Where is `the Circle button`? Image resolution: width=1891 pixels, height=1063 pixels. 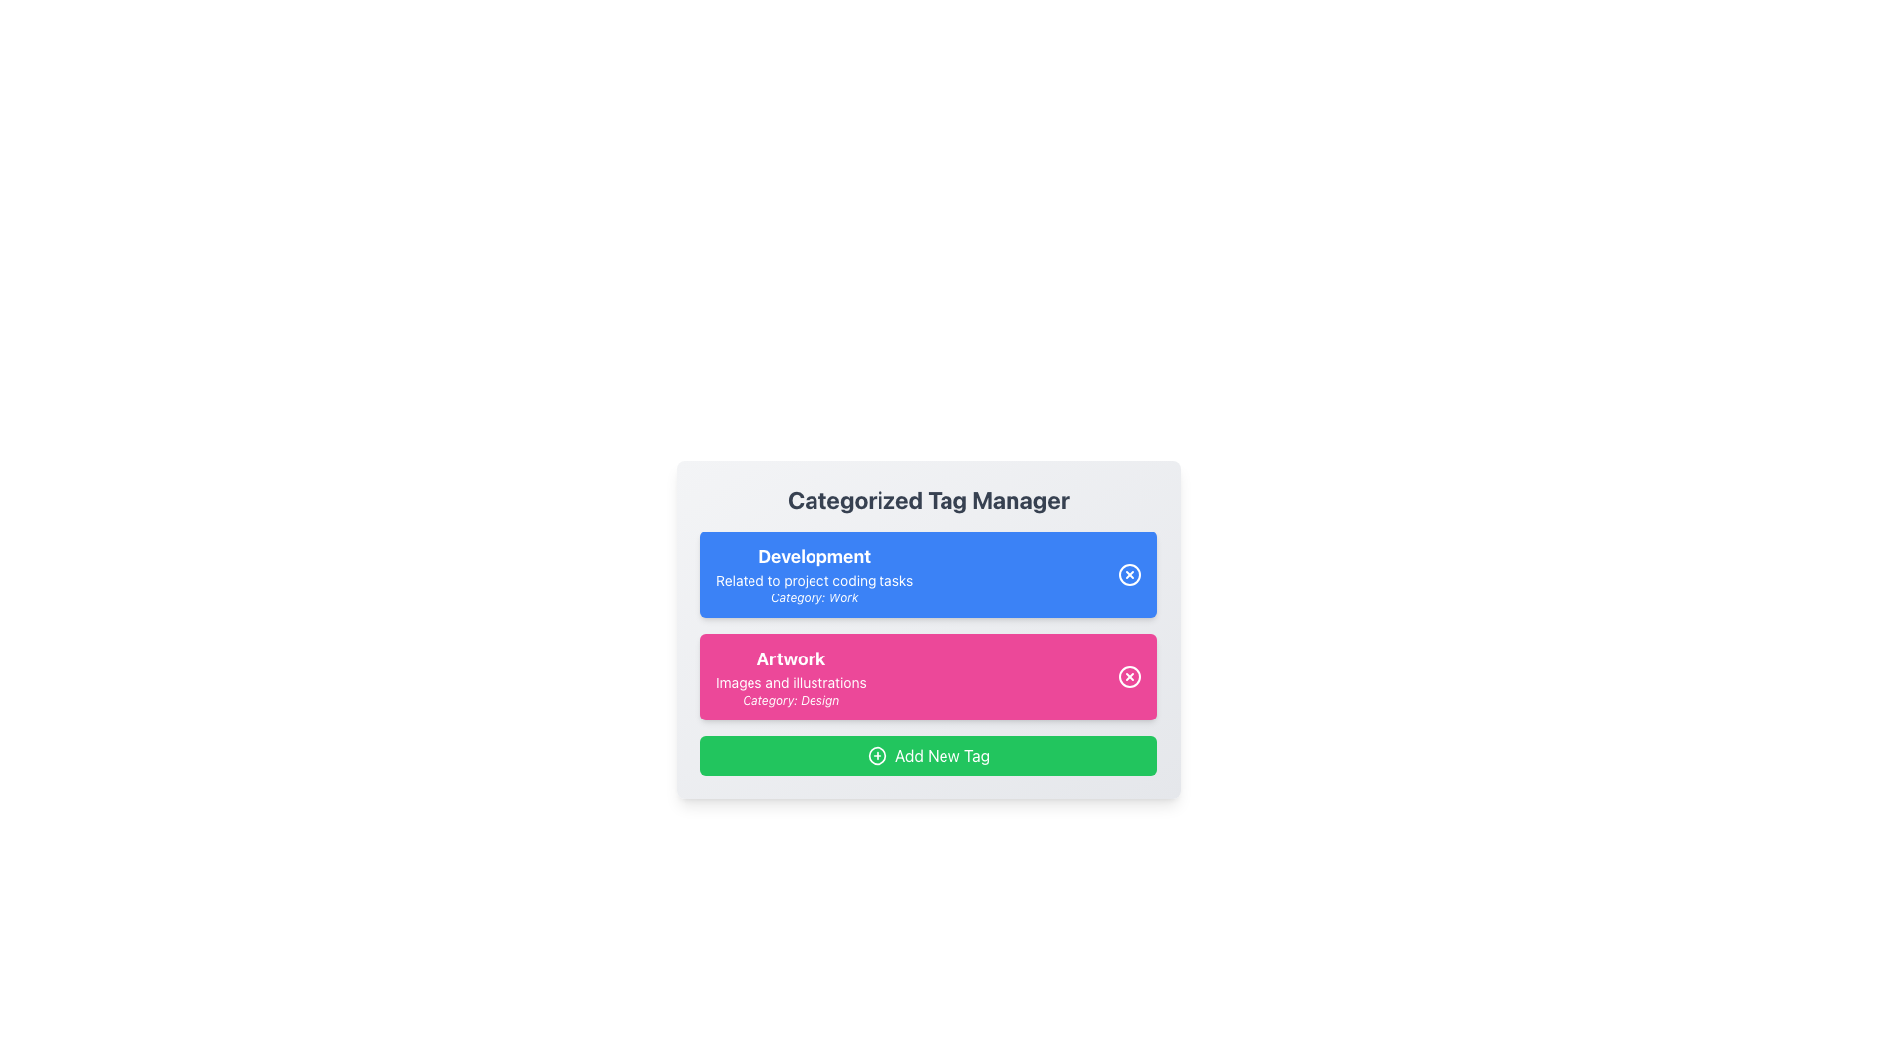
the Circle button is located at coordinates (1130, 675).